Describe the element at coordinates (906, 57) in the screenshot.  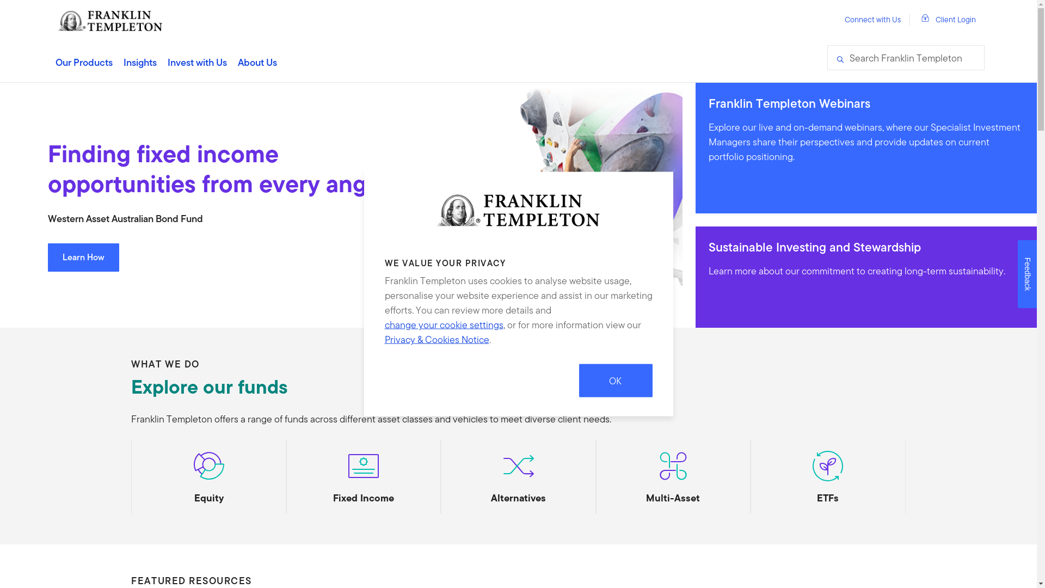
I see `'Search Franklin Templeton'` at that location.